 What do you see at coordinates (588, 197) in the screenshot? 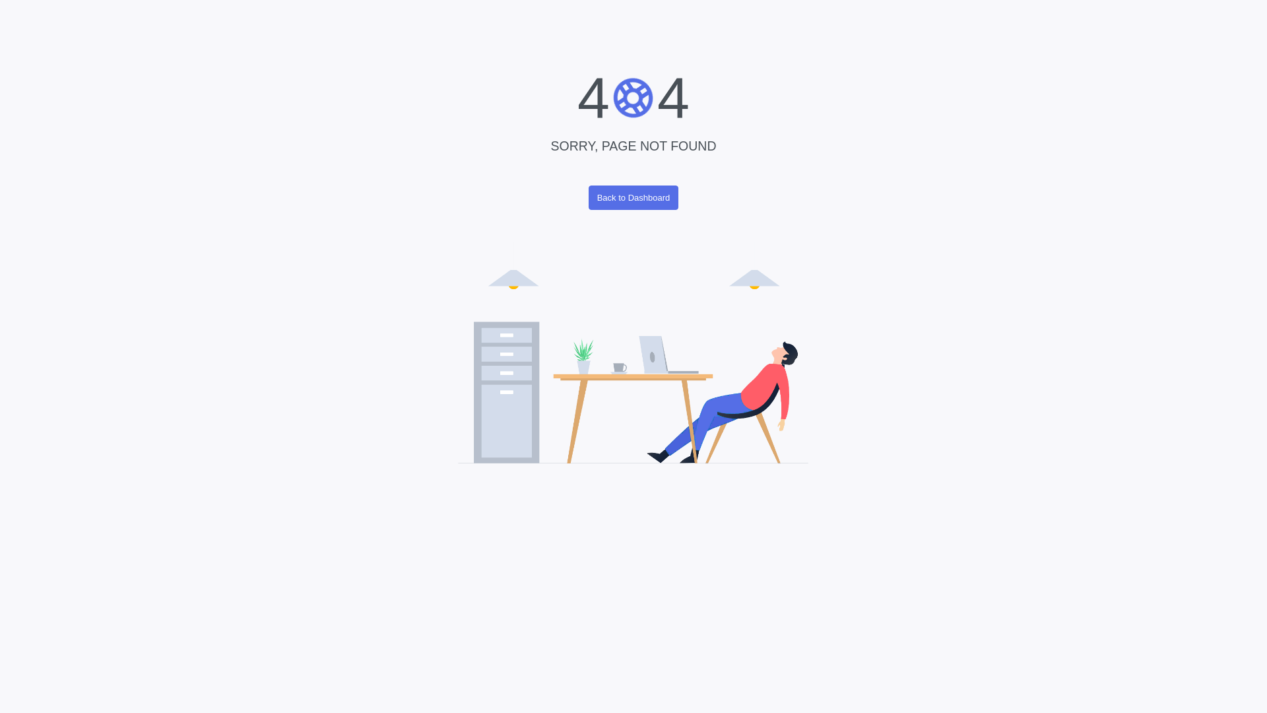
I see `'Back to Dashboard'` at bounding box center [588, 197].